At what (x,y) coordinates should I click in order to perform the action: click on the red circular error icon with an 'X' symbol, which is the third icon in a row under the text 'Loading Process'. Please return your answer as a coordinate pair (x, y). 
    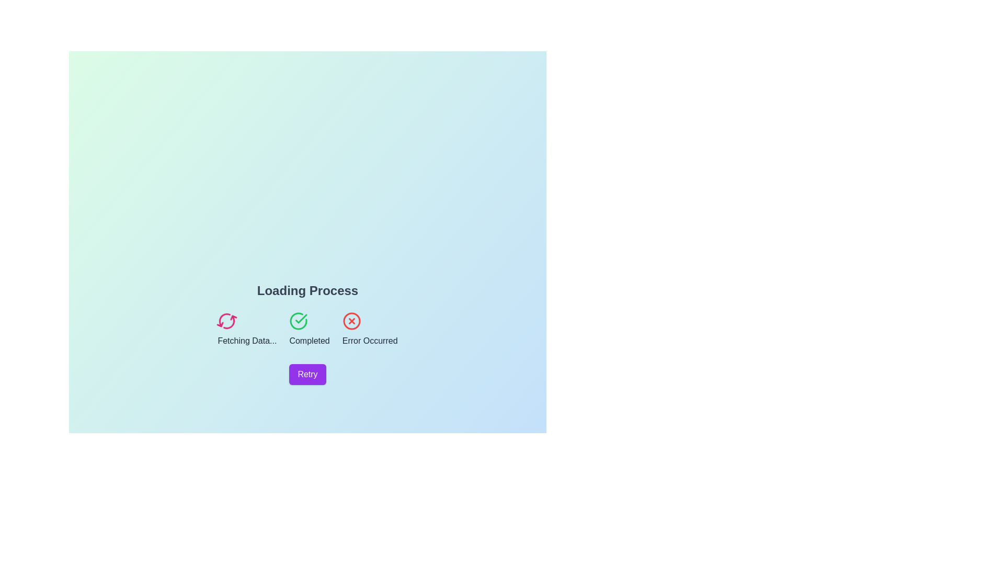
    Looking at the image, I should click on (351, 320).